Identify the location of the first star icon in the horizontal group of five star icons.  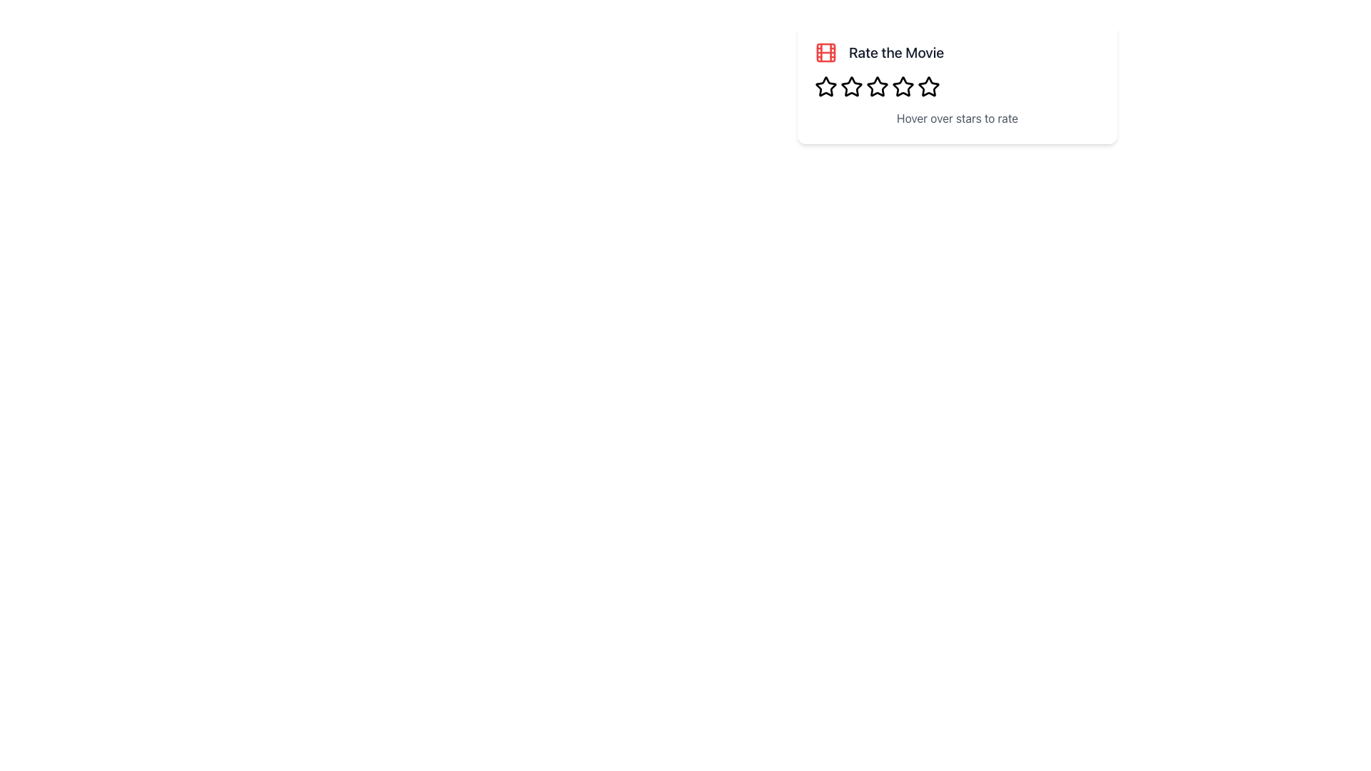
(825, 87).